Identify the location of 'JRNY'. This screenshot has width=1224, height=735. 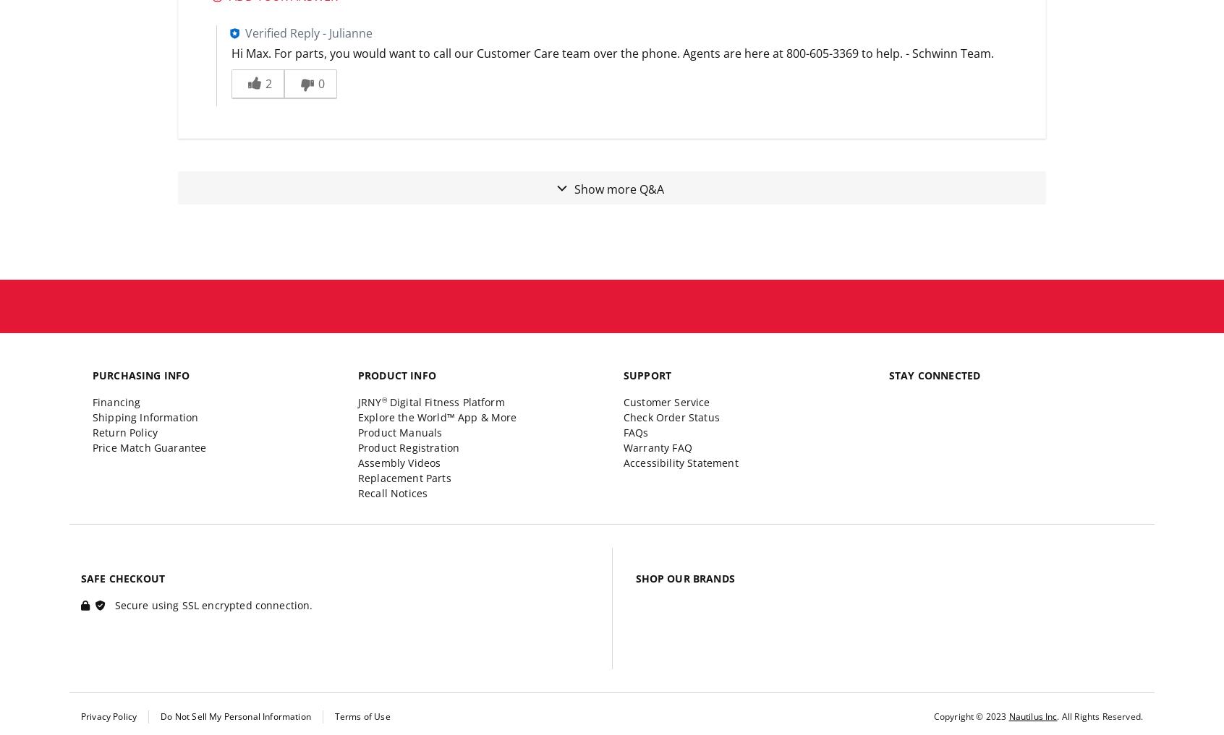
(369, 401).